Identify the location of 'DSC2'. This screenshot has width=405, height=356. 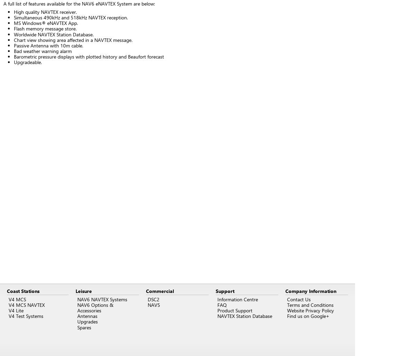
(154, 299).